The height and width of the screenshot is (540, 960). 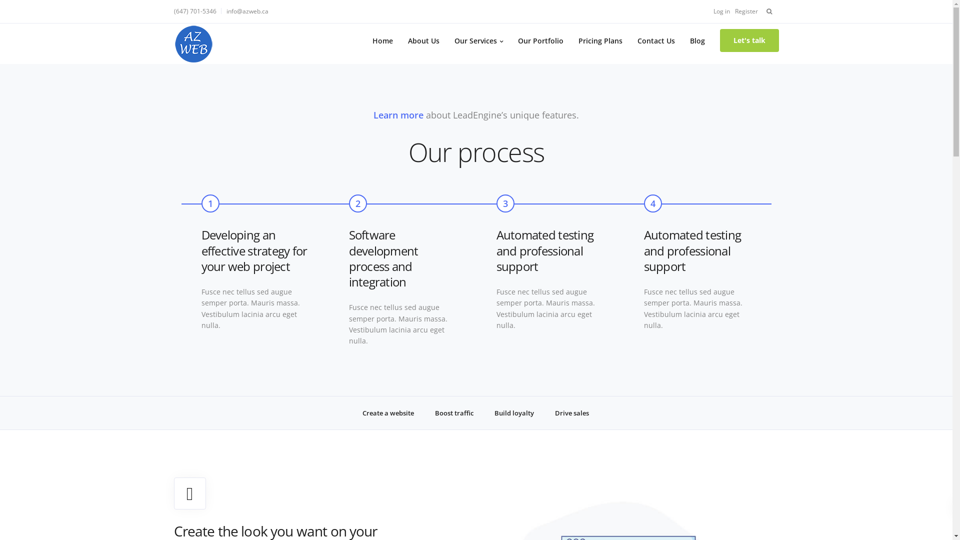 I want to click on 'Drive sales', so click(x=546, y=413).